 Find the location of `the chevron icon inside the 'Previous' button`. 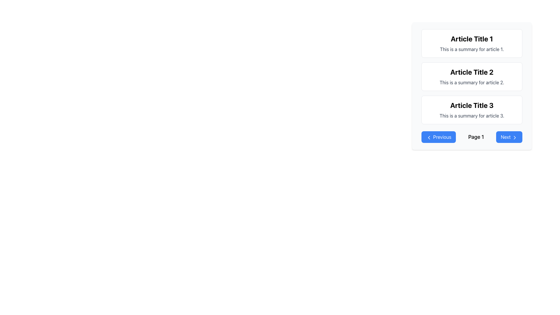

the chevron icon inside the 'Previous' button is located at coordinates (429, 137).